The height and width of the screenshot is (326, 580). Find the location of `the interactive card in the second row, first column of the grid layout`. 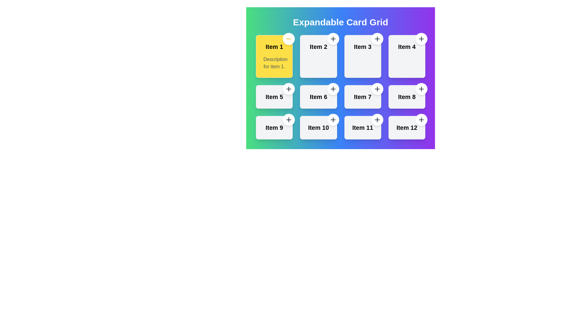

the interactive card in the second row, first column of the grid layout is located at coordinates (274, 96).